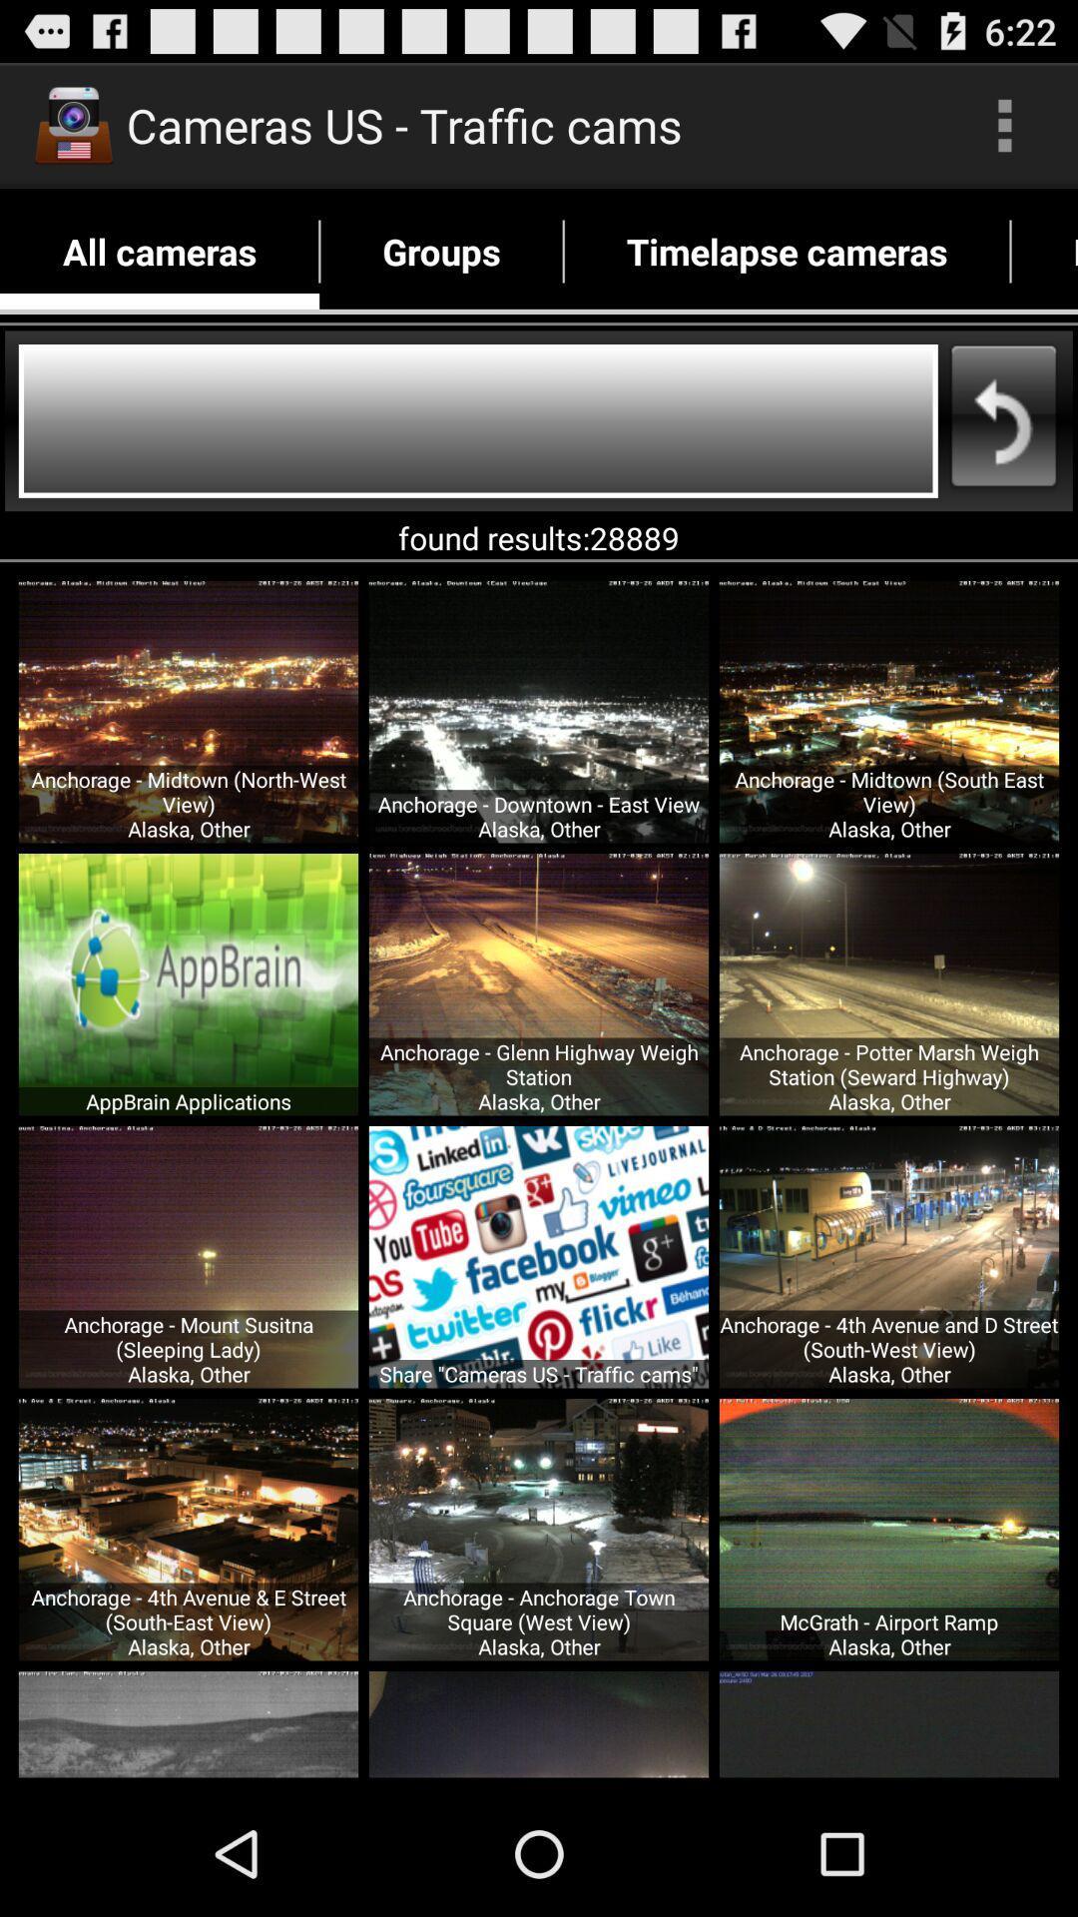  Describe the element at coordinates (440, 251) in the screenshot. I see `the app next to the all cameras app` at that location.